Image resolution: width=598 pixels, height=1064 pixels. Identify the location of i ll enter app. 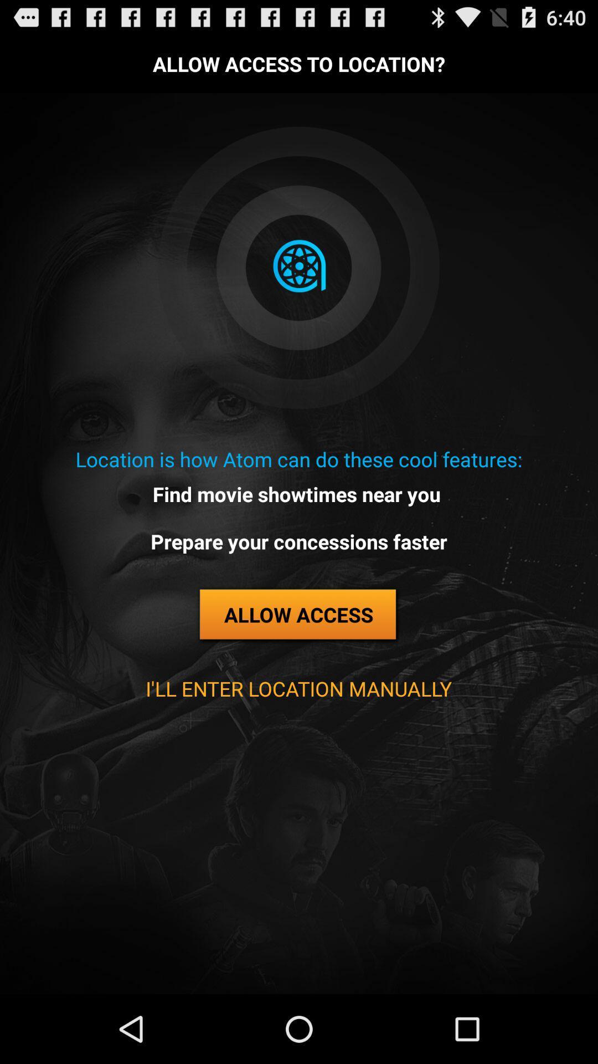
(298, 688).